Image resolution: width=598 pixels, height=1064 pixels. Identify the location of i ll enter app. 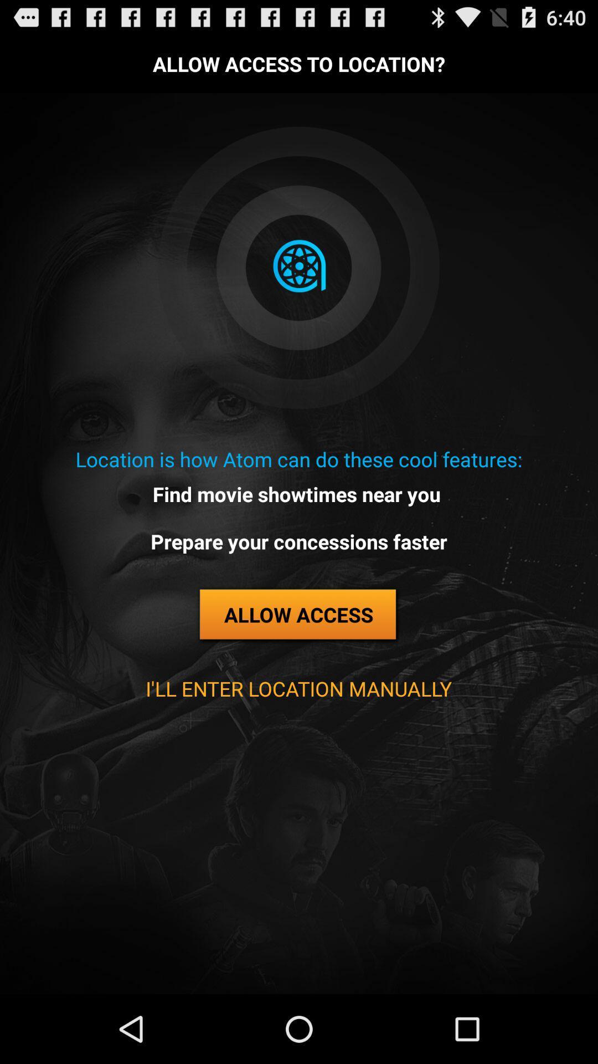
(298, 688).